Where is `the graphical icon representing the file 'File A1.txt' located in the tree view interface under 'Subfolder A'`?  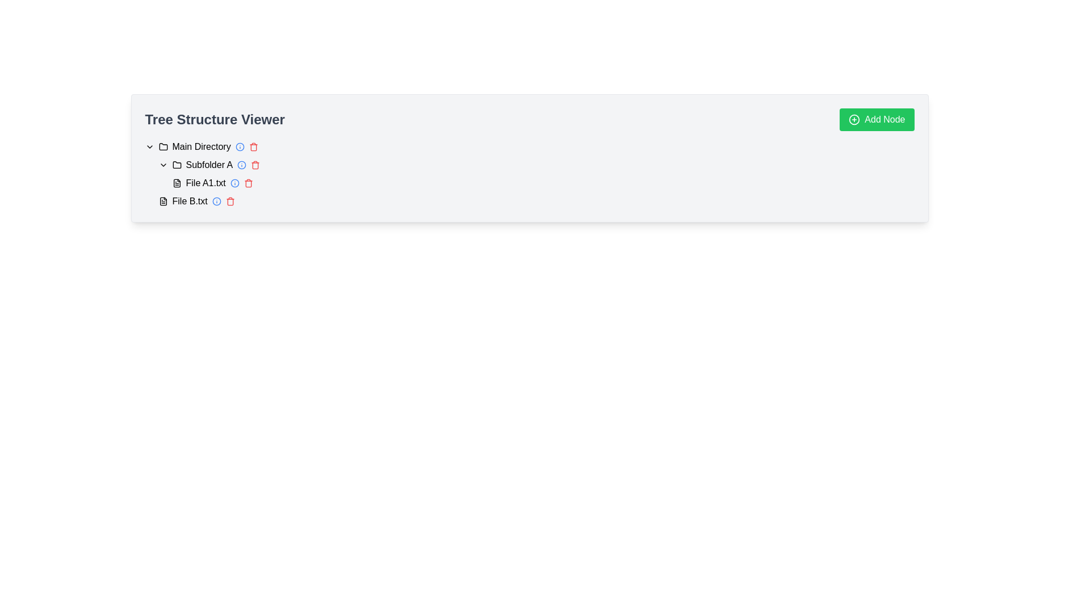
the graphical icon representing the file 'File A1.txt' located in the tree view interface under 'Subfolder A' is located at coordinates (176, 183).